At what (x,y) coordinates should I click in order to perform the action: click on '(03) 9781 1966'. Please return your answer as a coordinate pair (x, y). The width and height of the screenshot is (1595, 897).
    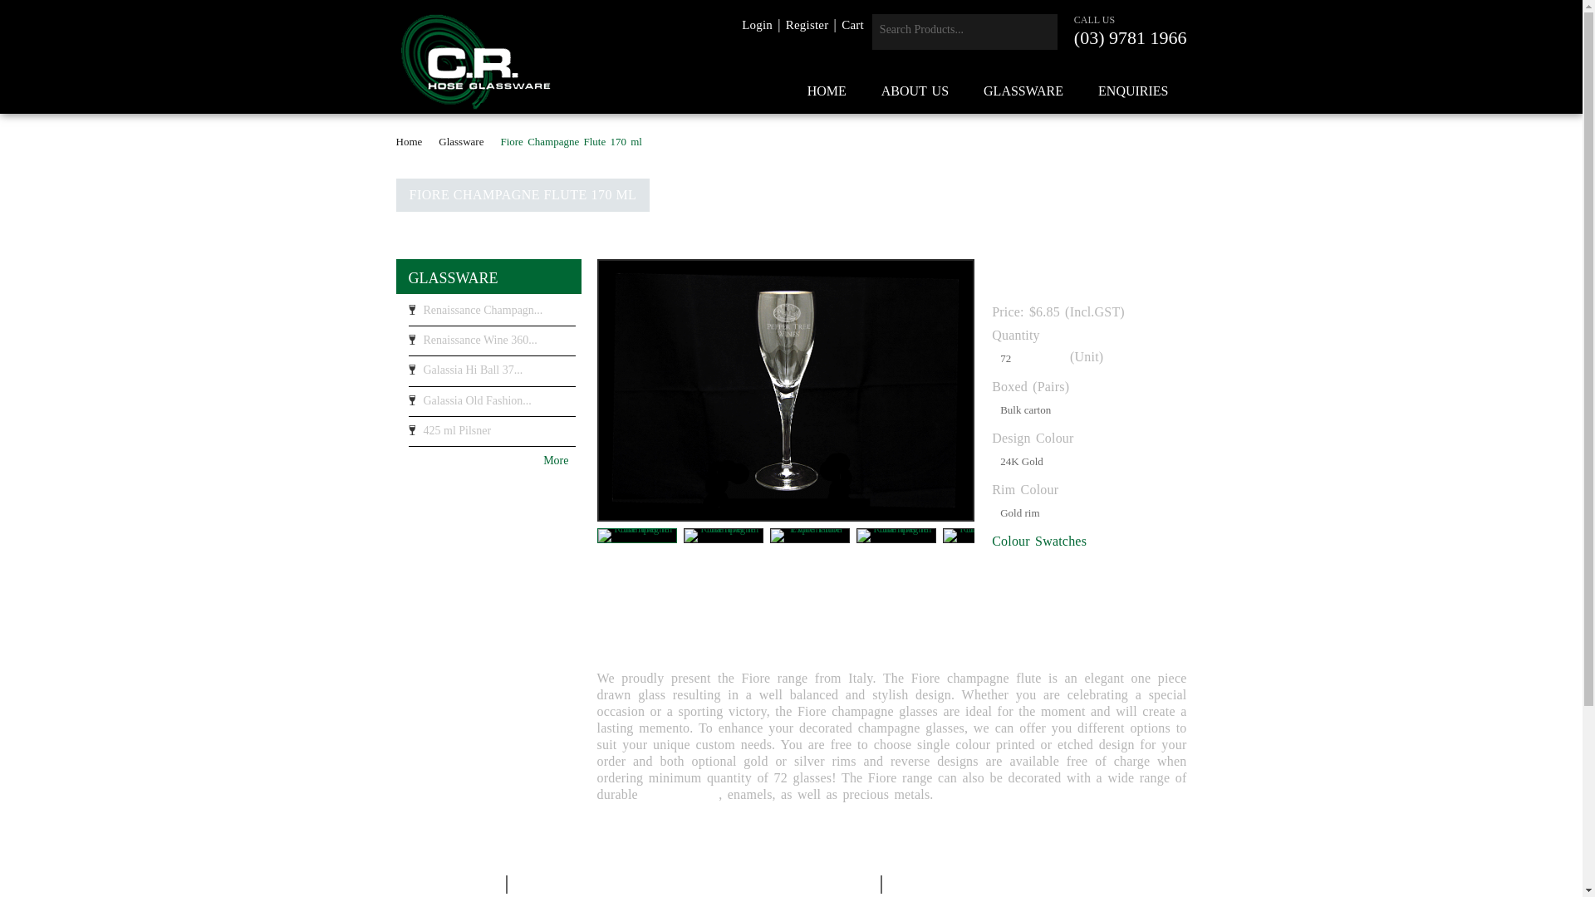
    Looking at the image, I should click on (1130, 37).